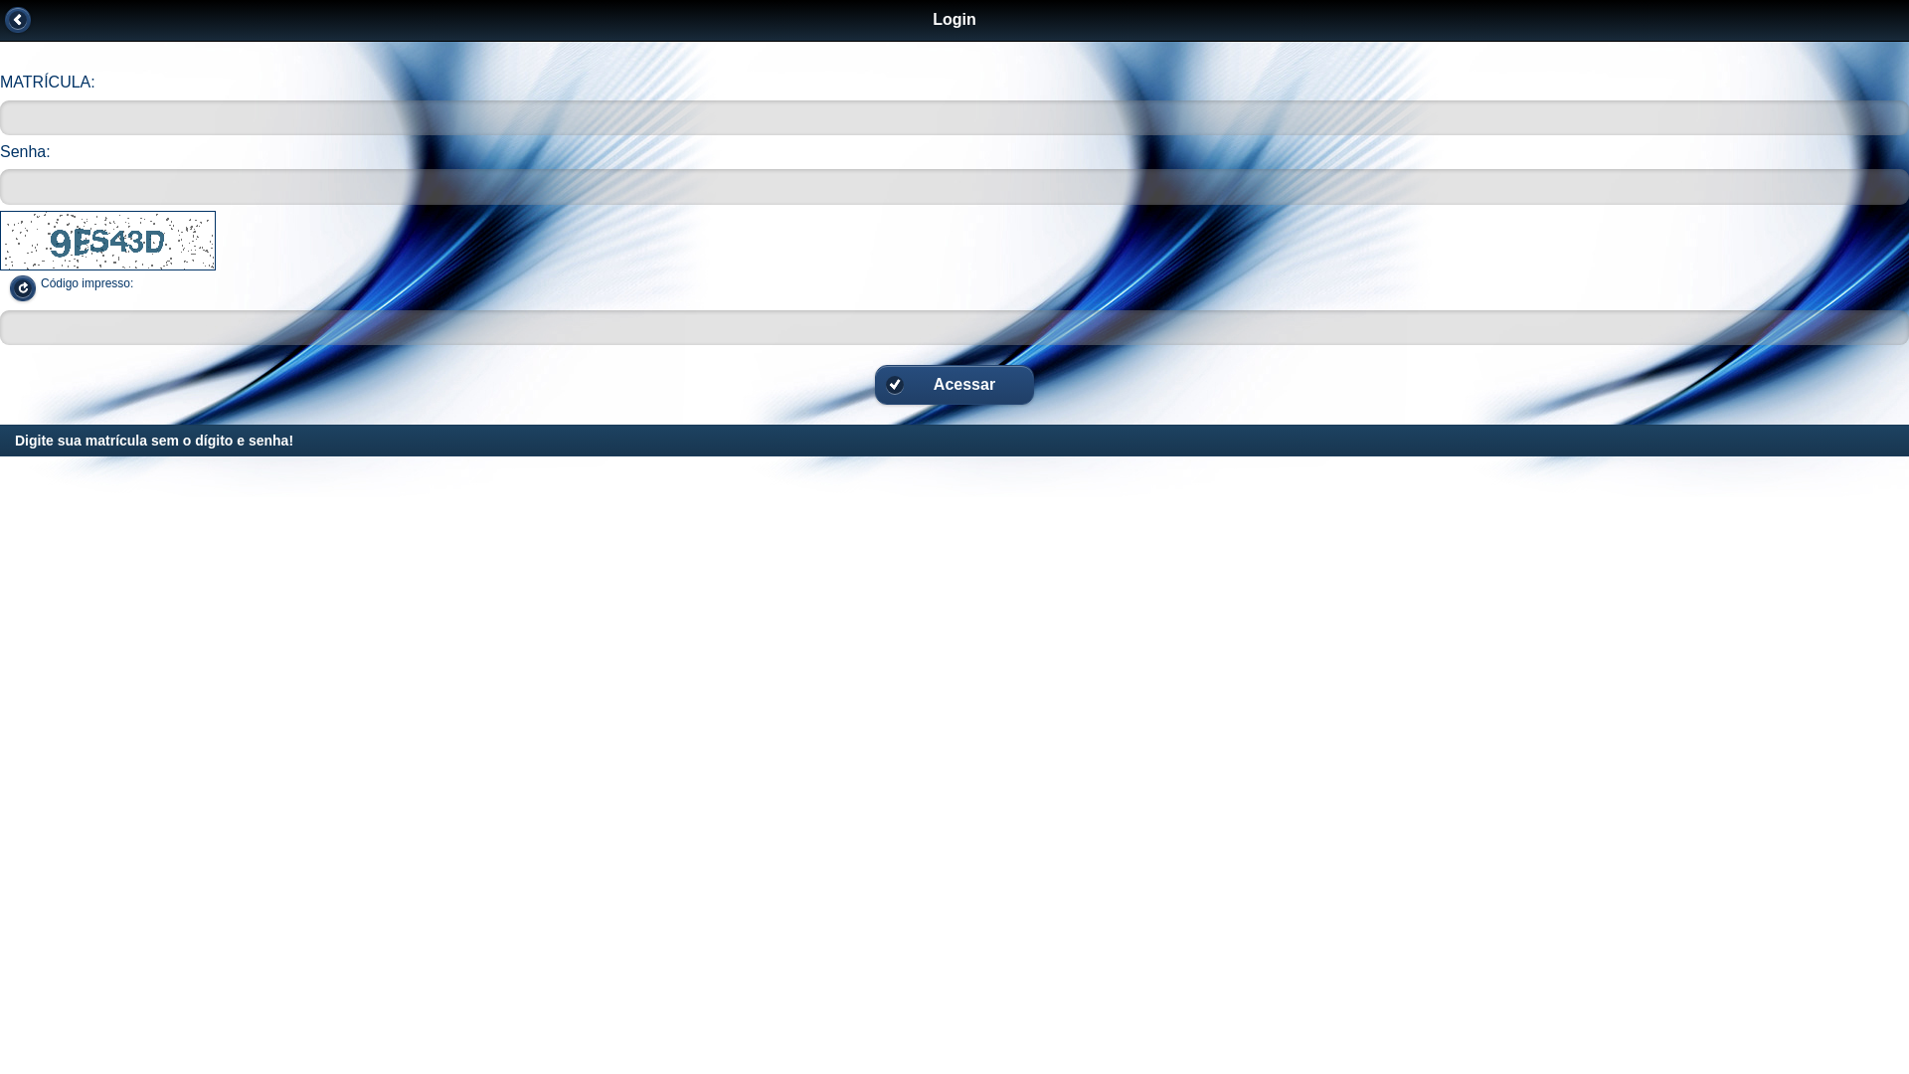 The width and height of the screenshot is (1909, 1074). What do you see at coordinates (4, 19) in the screenshot?
I see `'Voltar'` at bounding box center [4, 19].